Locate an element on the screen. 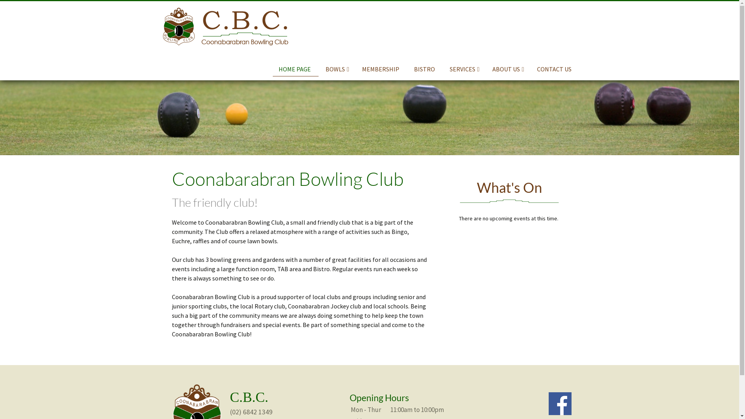 The height and width of the screenshot is (419, 745). 'BOWLS' is located at coordinates (337, 68).